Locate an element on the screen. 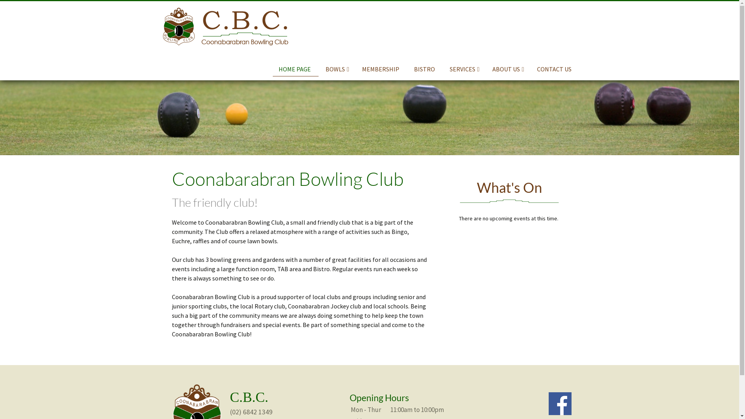 The height and width of the screenshot is (419, 745). 'BOWLS' is located at coordinates (337, 68).